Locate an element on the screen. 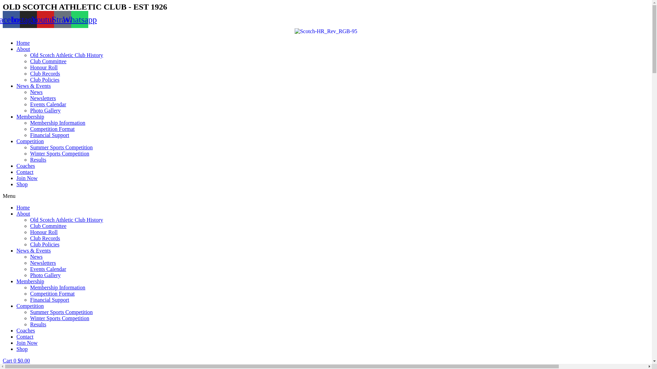 This screenshot has height=369, width=657. 'Summer Sports Competition' is located at coordinates (61, 147).